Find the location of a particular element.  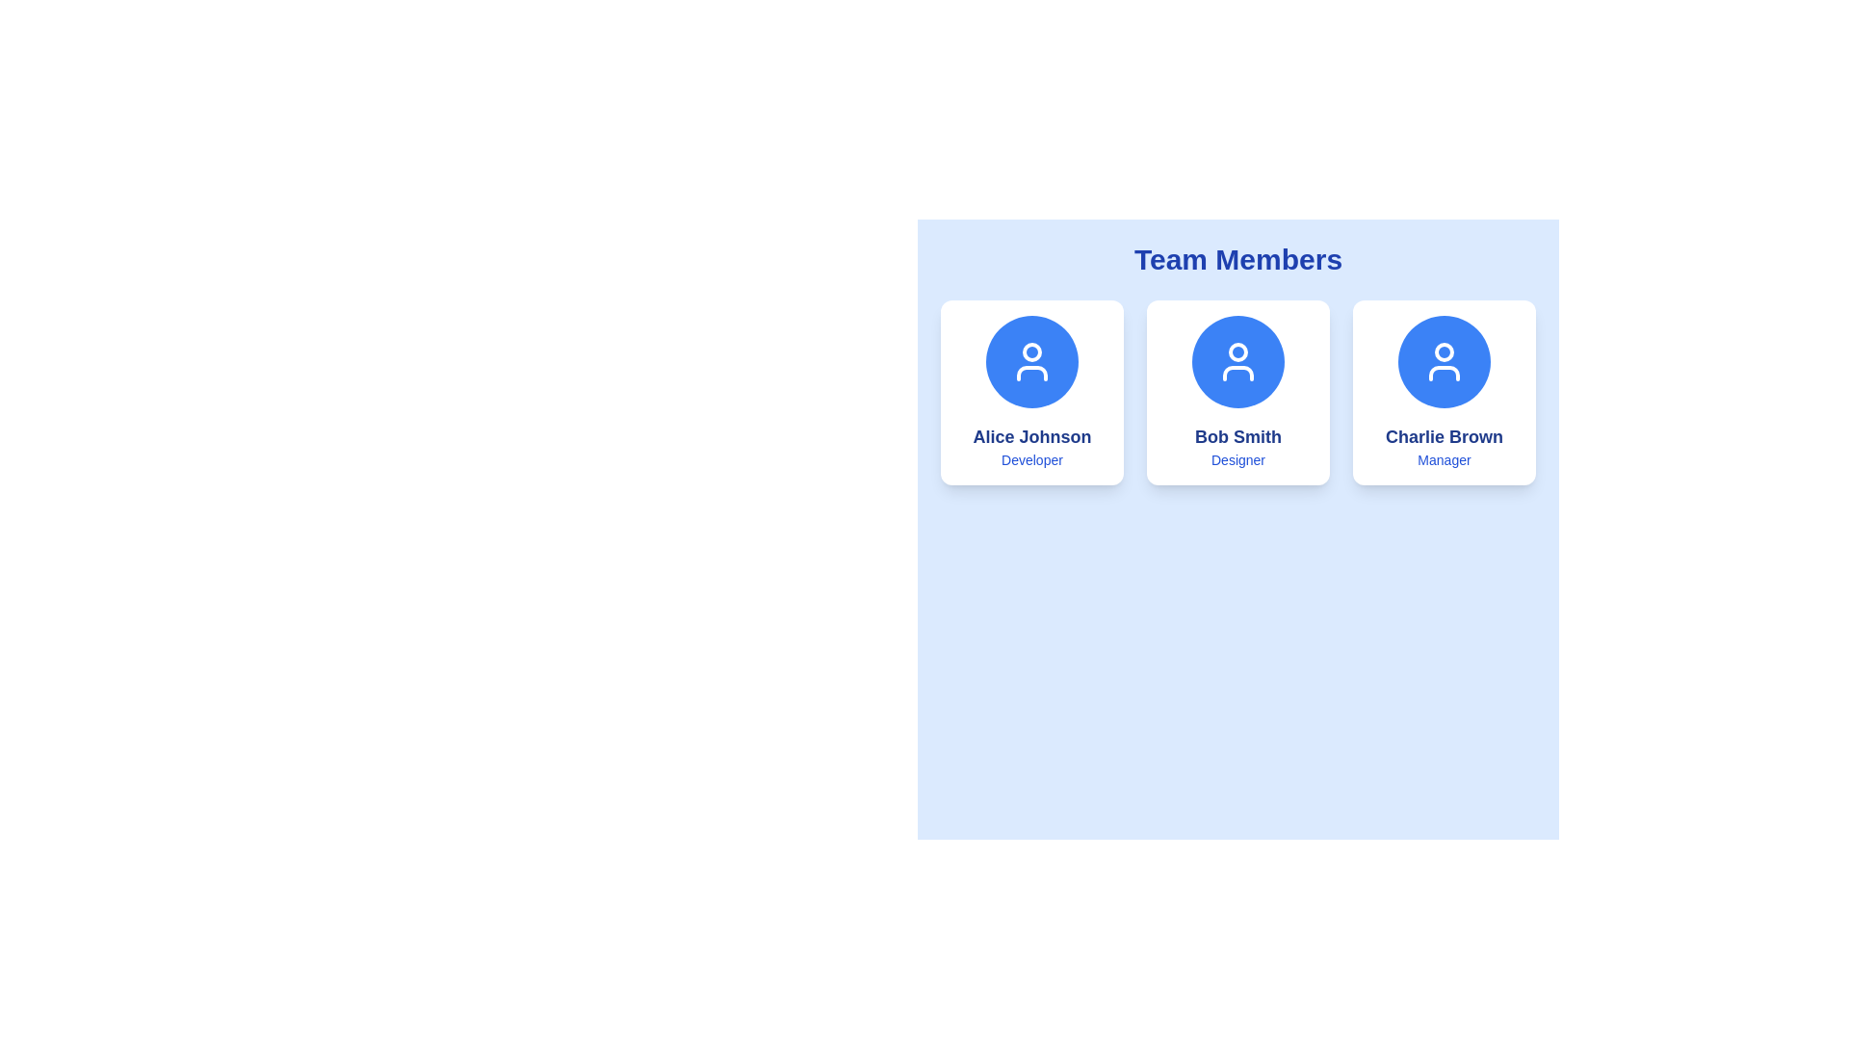

the SVG Icon representing 'Charlie Brown' in the 'Team Members' section is located at coordinates (1444, 361).